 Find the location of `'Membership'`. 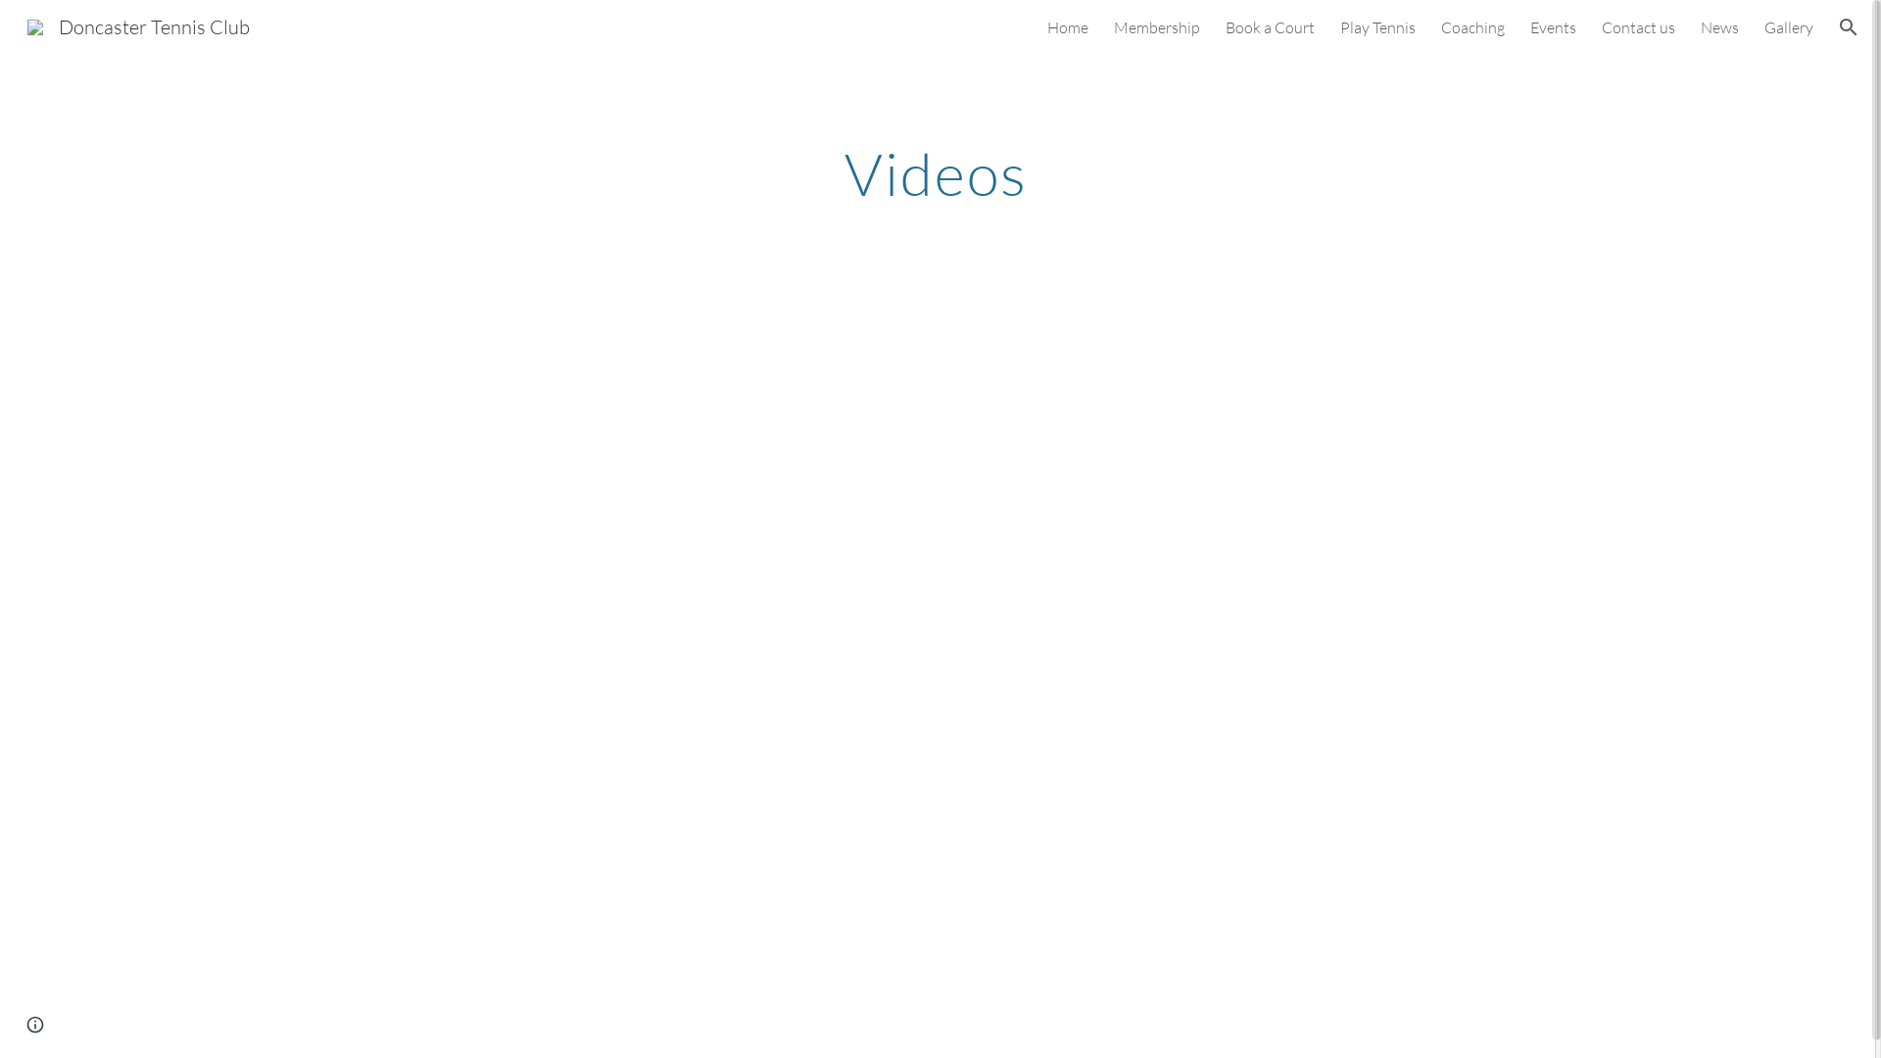

'Membership' is located at coordinates (1156, 26).